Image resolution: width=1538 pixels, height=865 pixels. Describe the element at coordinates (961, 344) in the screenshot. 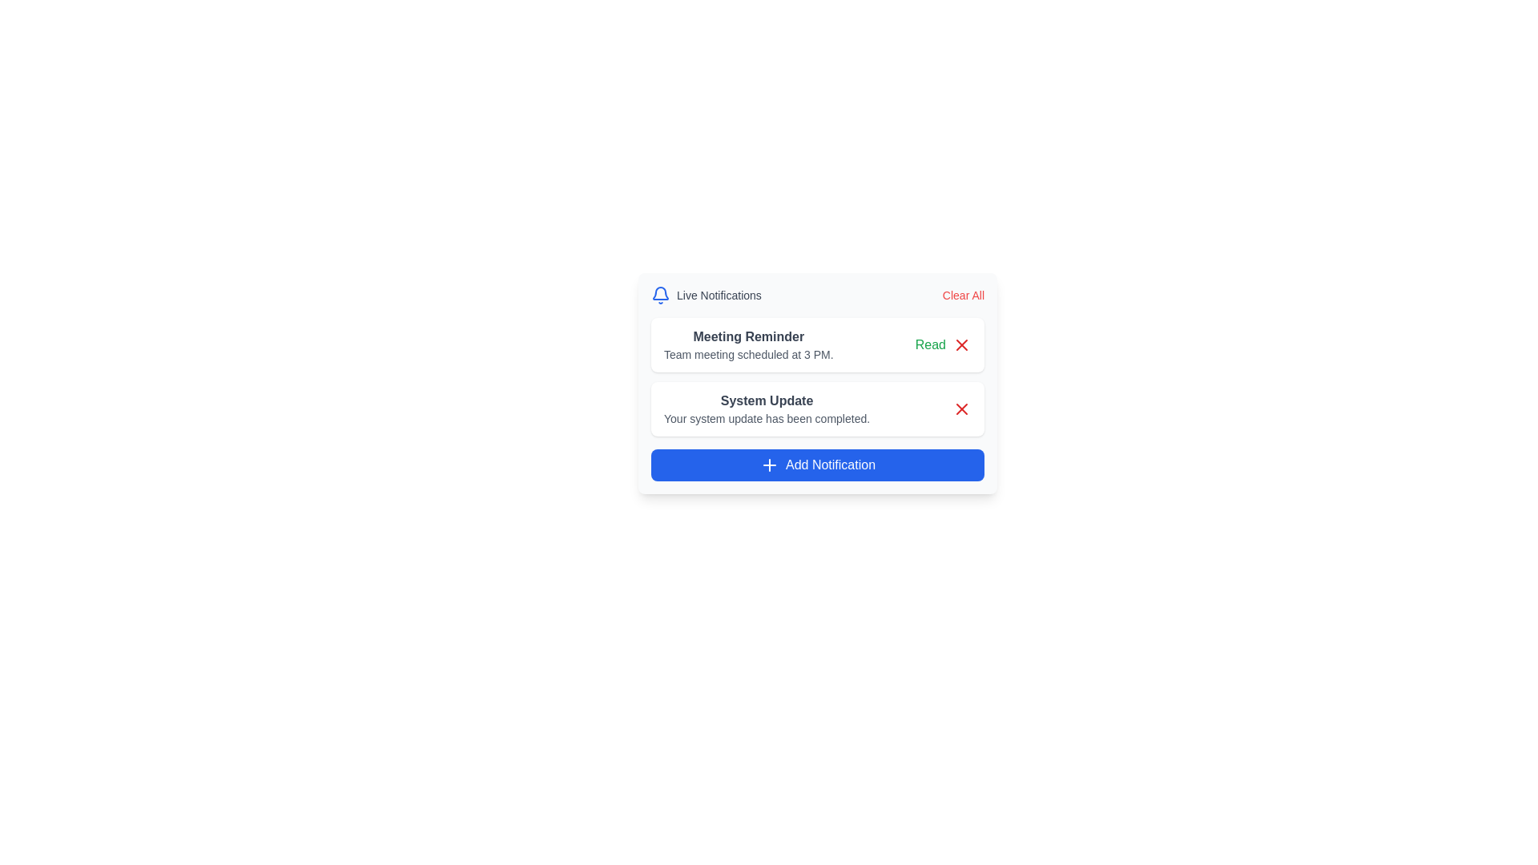

I see `the red 'X' icon button on the far-right side of the notification panel` at that location.